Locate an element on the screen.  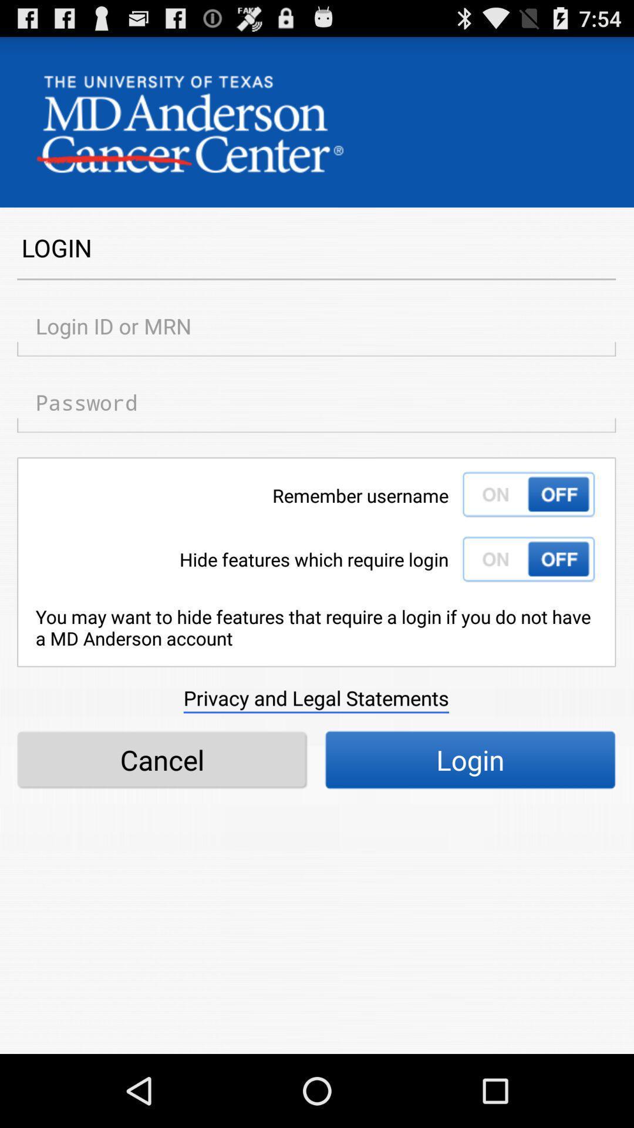
icon next to the login icon is located at coordinates (162, 760).